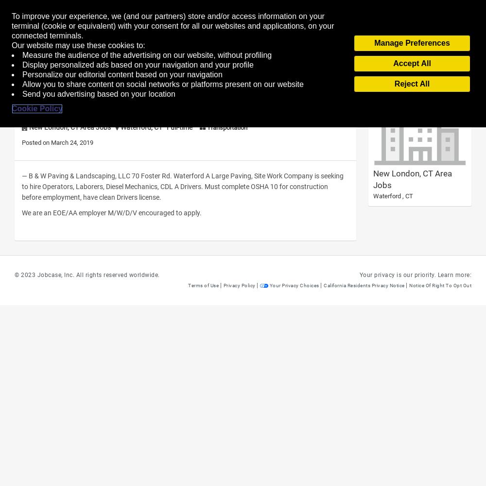  I want to click on 'Your Privacy Choices', so click(294, 285).